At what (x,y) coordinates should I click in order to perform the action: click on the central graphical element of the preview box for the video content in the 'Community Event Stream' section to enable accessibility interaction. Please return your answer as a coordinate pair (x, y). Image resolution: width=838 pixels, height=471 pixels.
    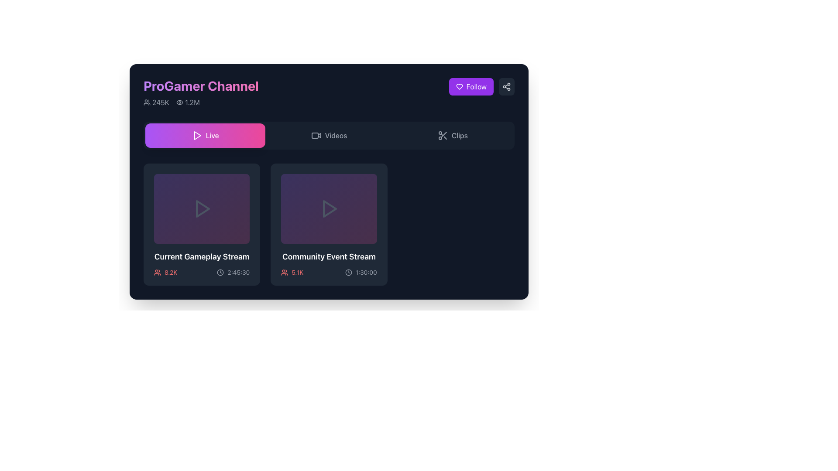
    Looking at the image, I should click on (329, 208).